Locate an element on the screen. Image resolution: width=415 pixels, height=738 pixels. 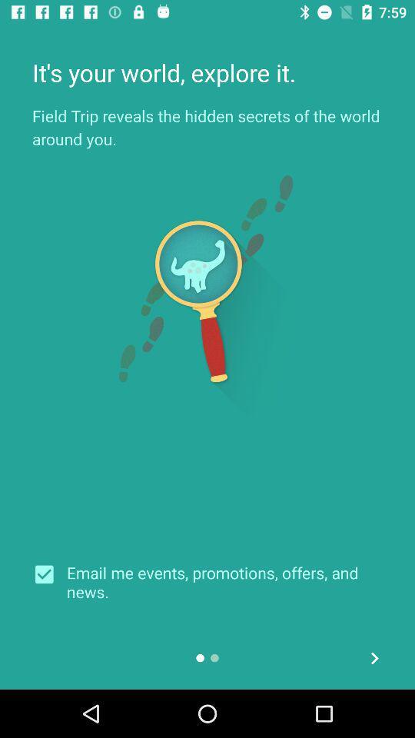
app to the left of the email me events icon is located at coordinates (49, 573).